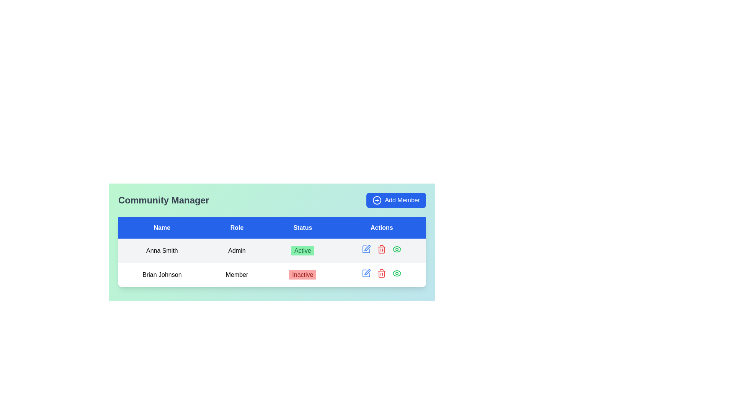 Image resolution: width=735 pixels, height=413 pixels. I want to click on the eye-shaped icon button located in the 'Actions' column of the second row in the table, so click(397, 273).